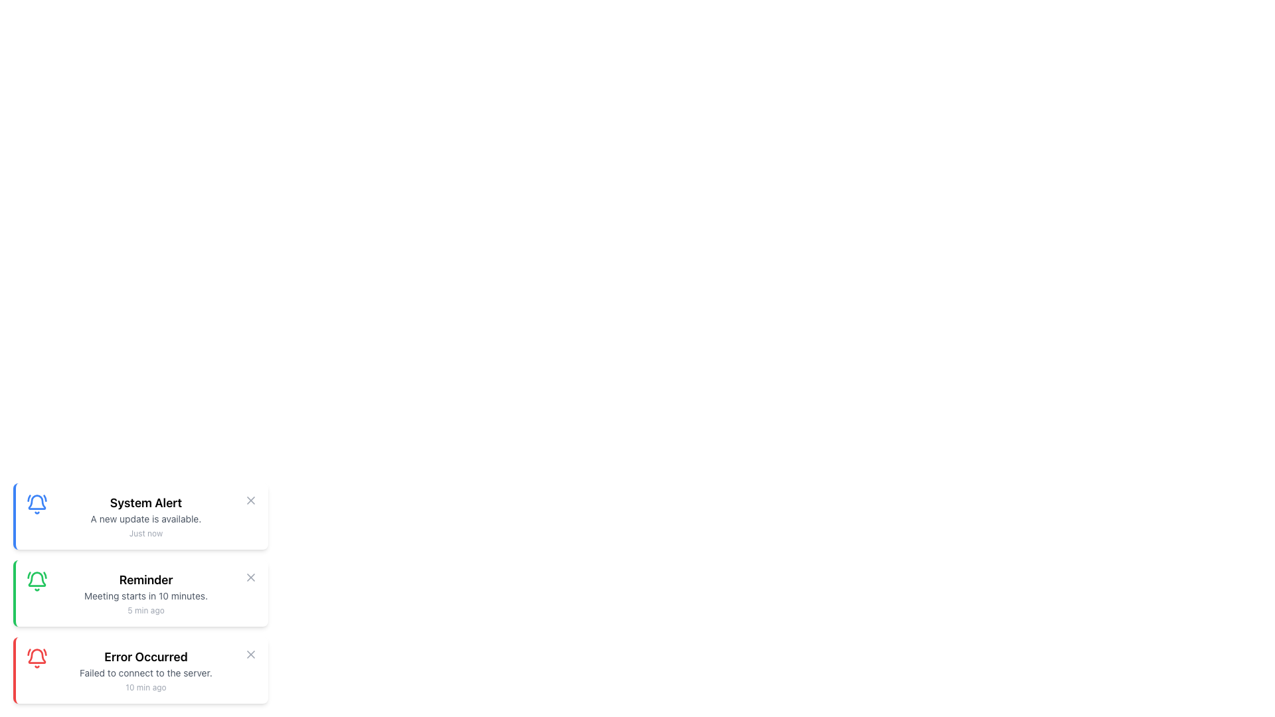 The image size is (1275, 717). I want to click on the dismiss button located in the top-right corner of the 'System Alert' notification card, so click(251, 500).